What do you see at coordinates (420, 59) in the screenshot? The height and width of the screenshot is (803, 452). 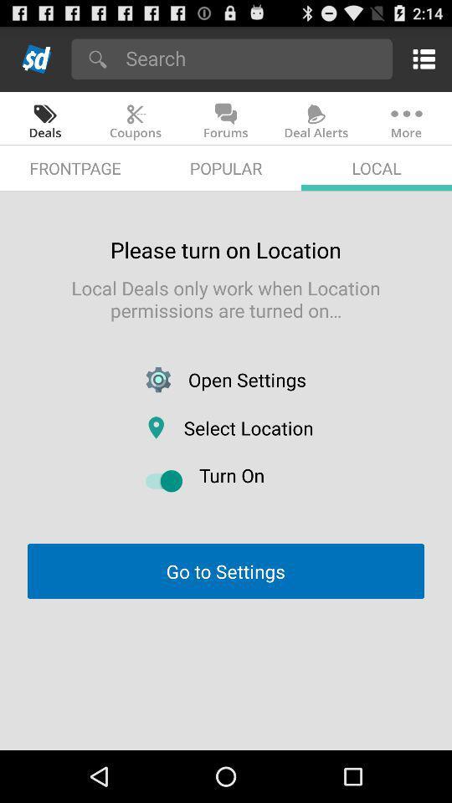 I see `activate the menu` at bounding box center [420, 59].